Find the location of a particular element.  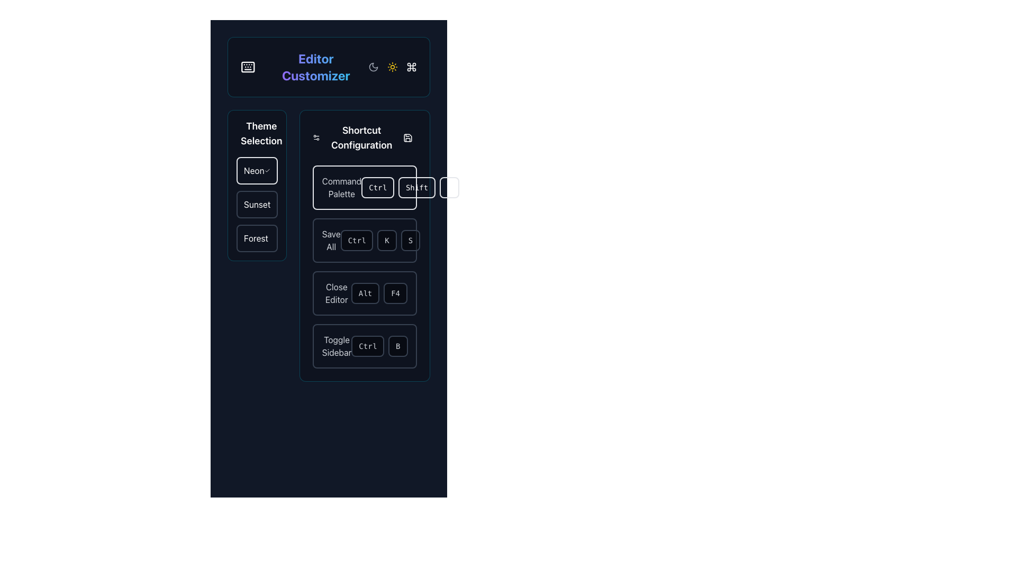

the 'Neon' button, which is a rectangular button with rounded corners, featuring the text 'Neon' and a cyan border, located above the 'Sunset' and 'Forest' buttons in the left panel is located at coordinates (257, 170).